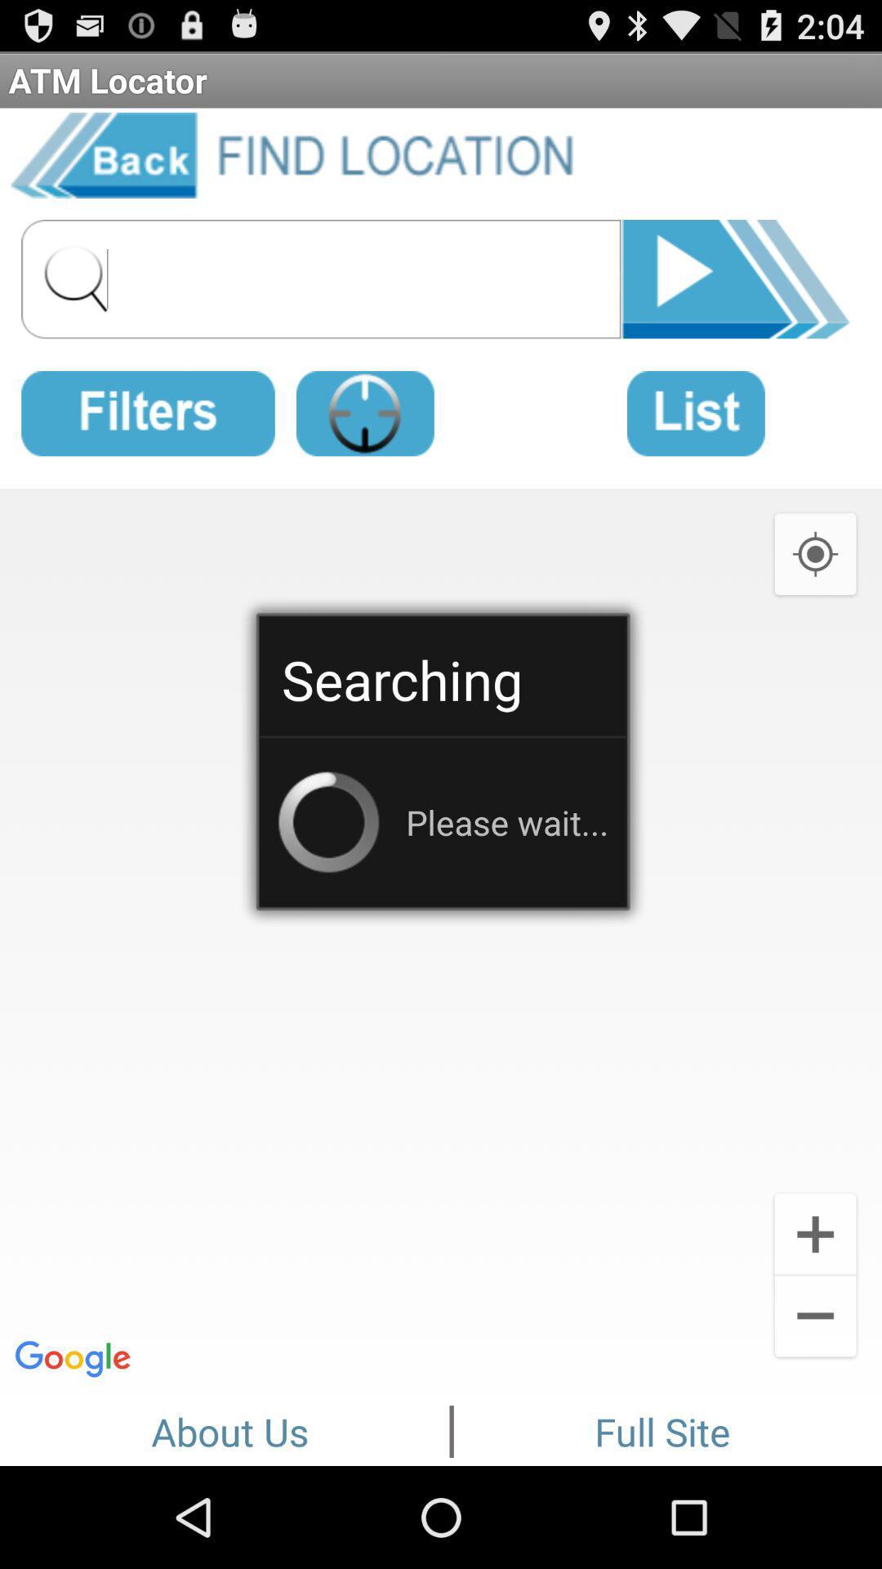 Image resolution: width=882 pixels, height=1569 pixels. What do you see at coordinates (736, 276) in the screenshot?
I see `the app below atm locator app` at bounding box center [736, 276].